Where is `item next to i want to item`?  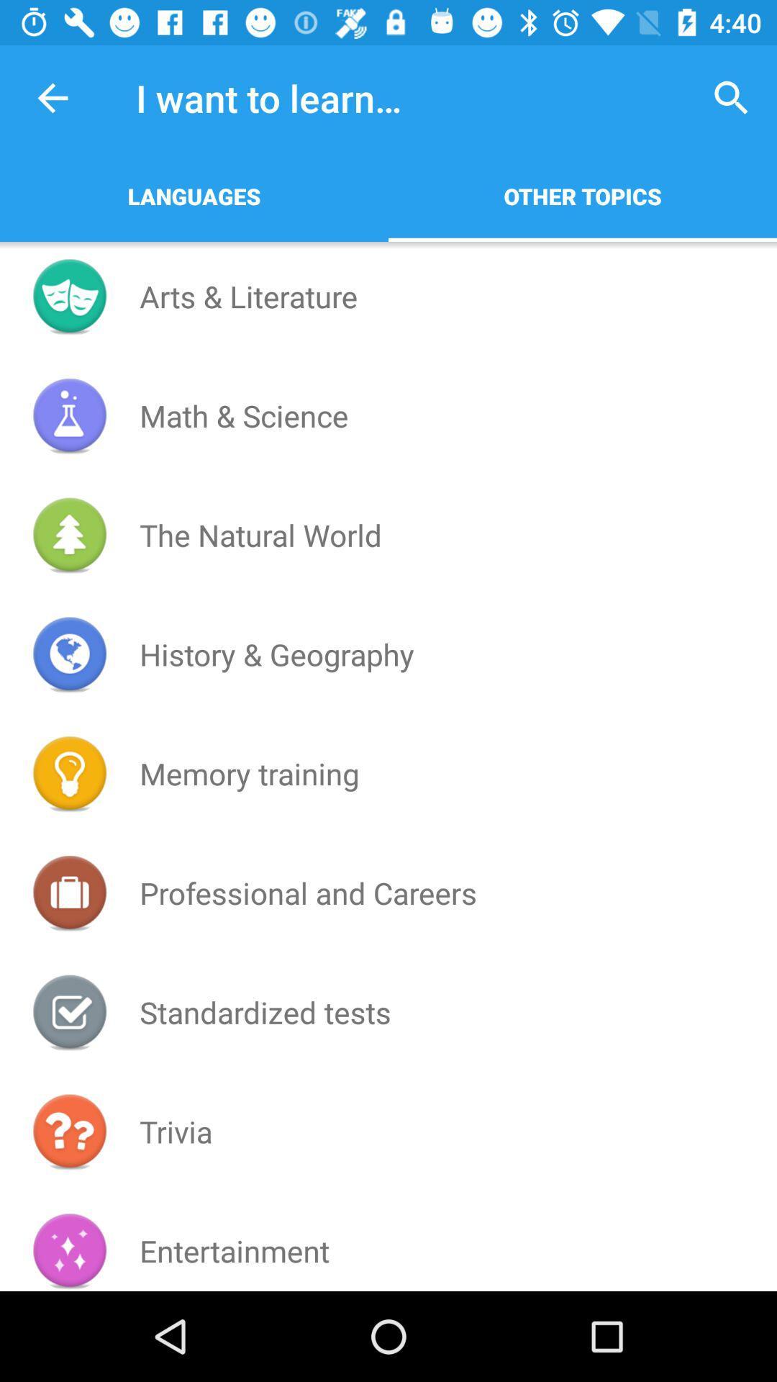
item next to i want to item is located at coordinates (52, 97).